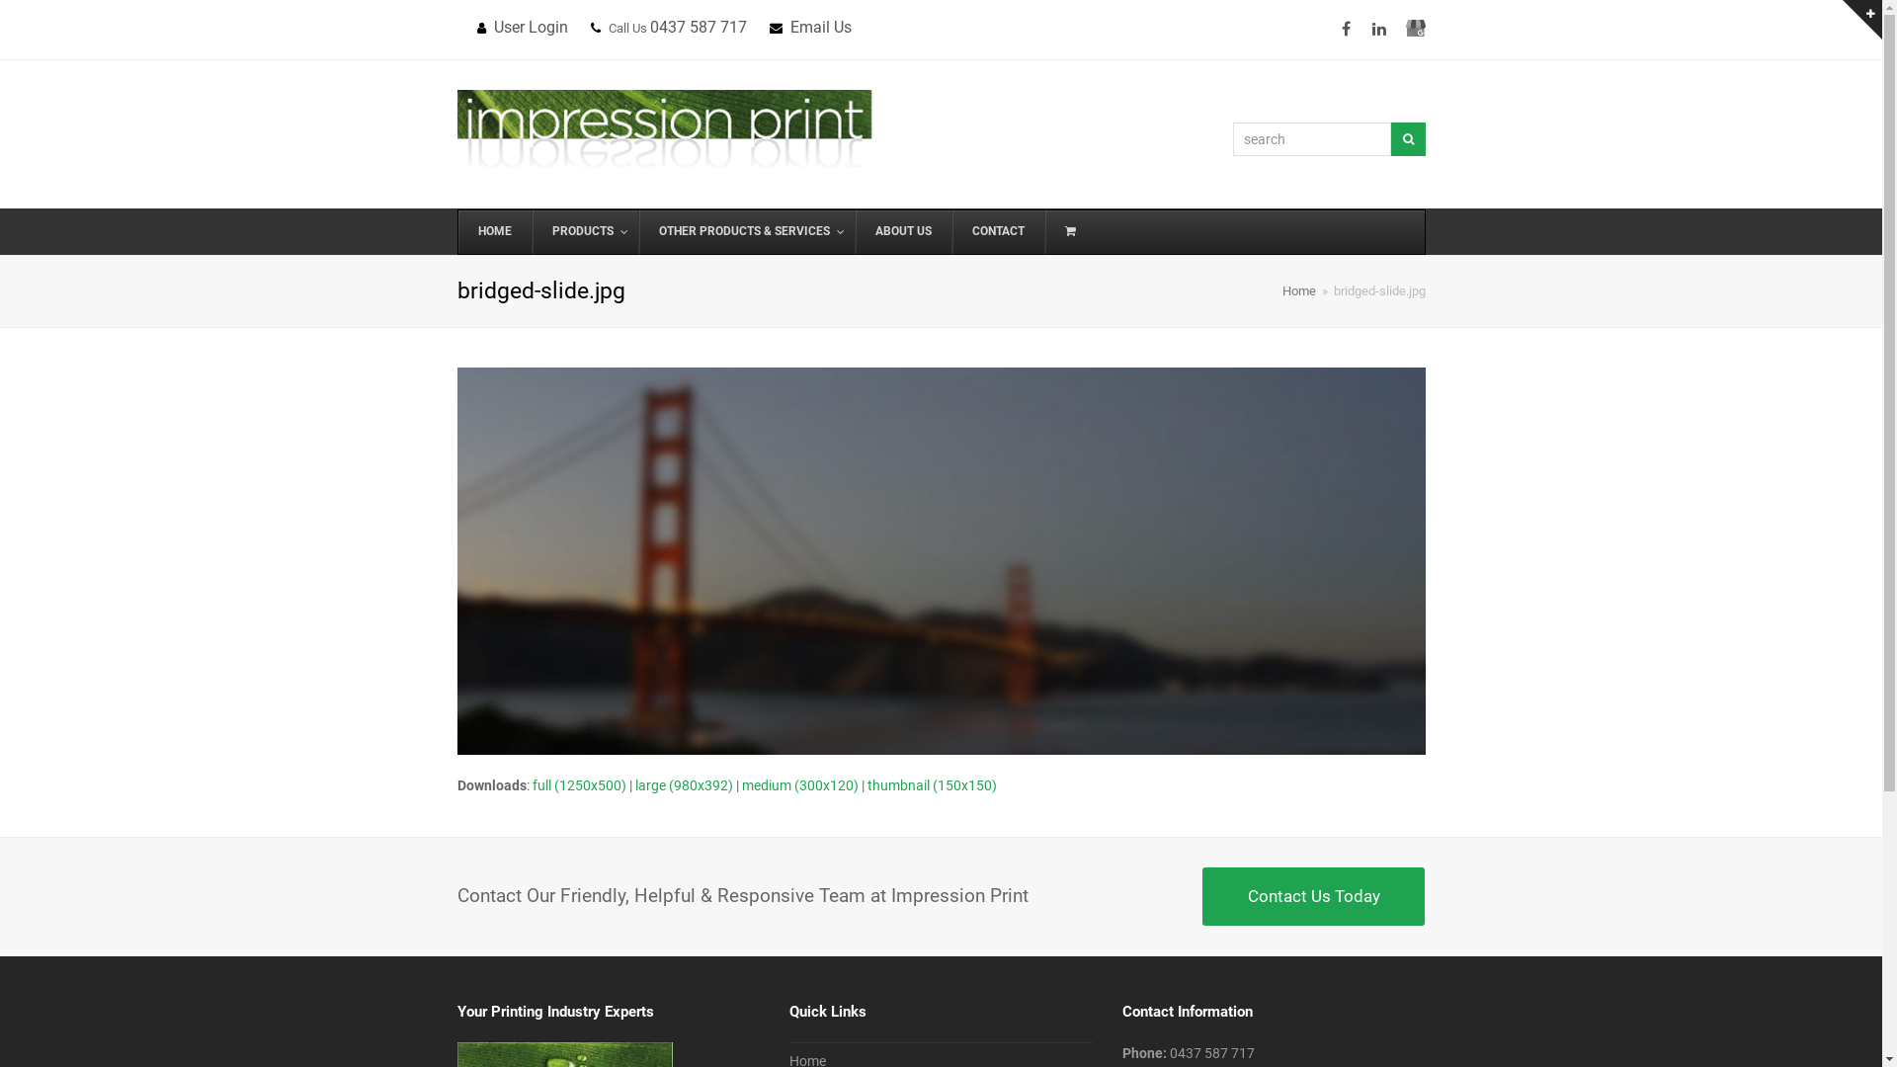 This screenshot has height=1067, width=1897. Describe the element at coordinates (494, 231) in the screenshot. I see `'HOME'` at that location.